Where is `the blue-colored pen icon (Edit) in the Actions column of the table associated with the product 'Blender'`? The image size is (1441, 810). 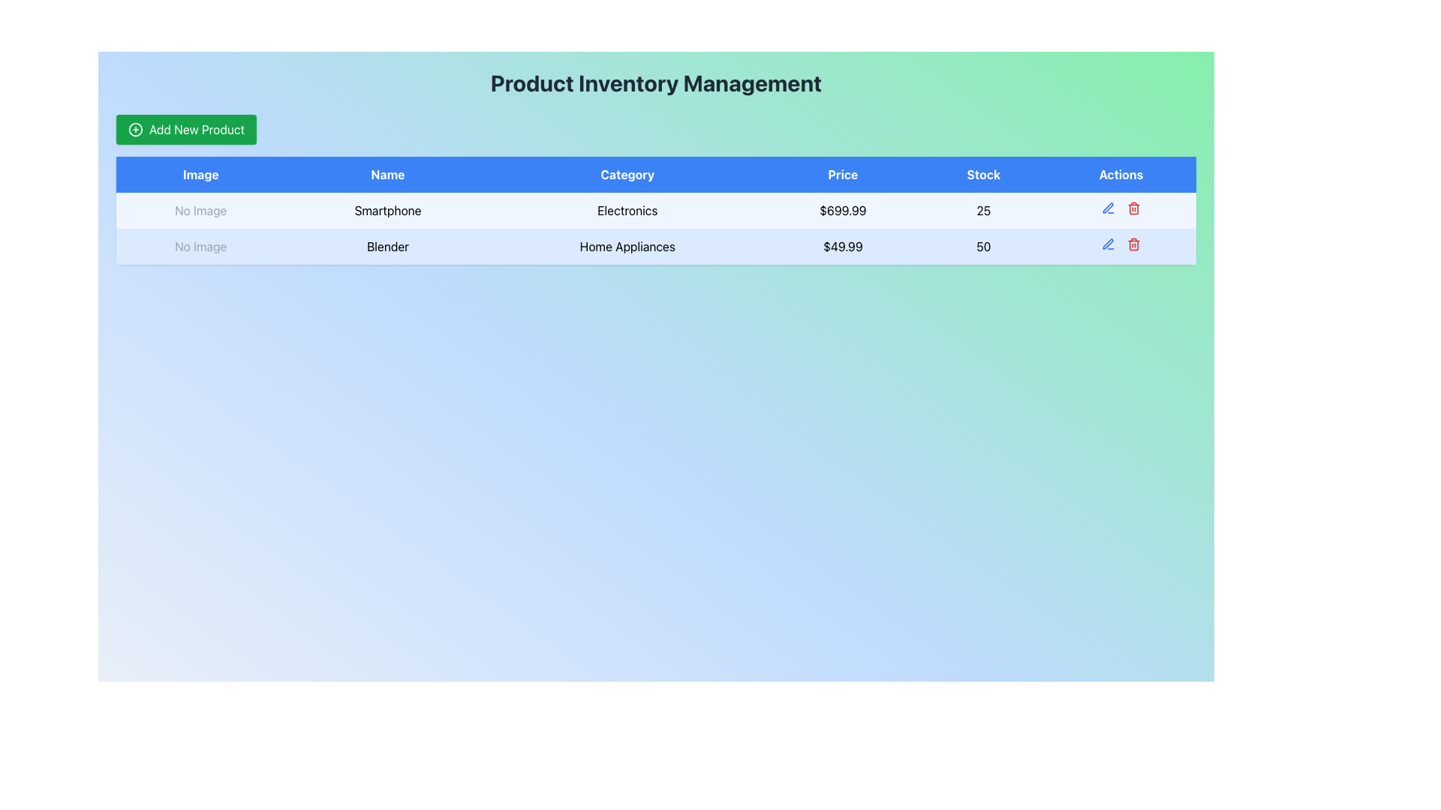 the blue-colored pen icon (Edit) in the Actions column of the table associated with the product 'Blender' is located at coordinates (1108, 208).